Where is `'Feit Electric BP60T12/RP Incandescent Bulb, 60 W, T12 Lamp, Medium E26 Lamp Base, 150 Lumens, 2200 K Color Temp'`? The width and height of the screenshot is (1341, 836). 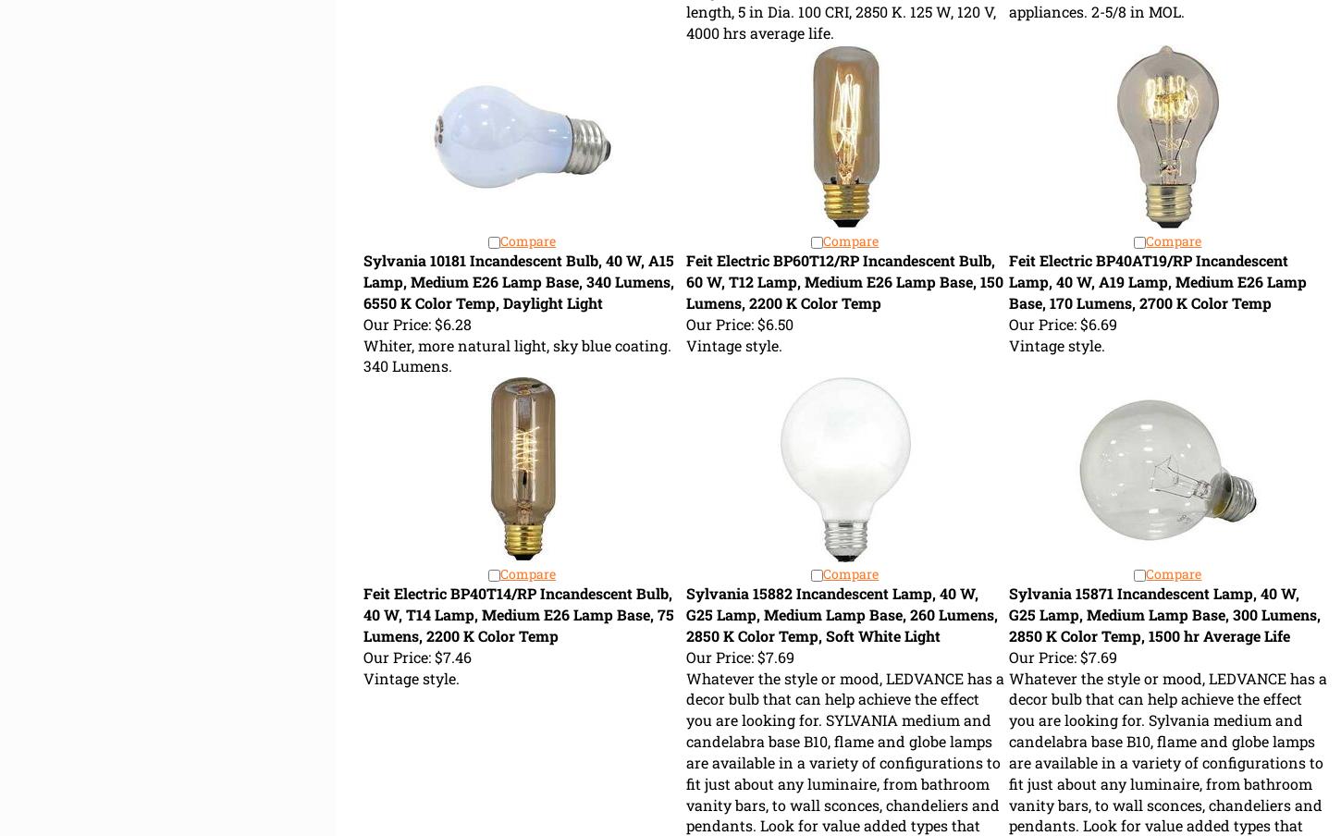
'Feit Electric BP60T12/RP Incandescent Bulb, 60 W, T12 Lamp, Medium E26 Lamp Base, 150 Lumens, 2200 K Color Temp' is located at coordinates (843, 281).